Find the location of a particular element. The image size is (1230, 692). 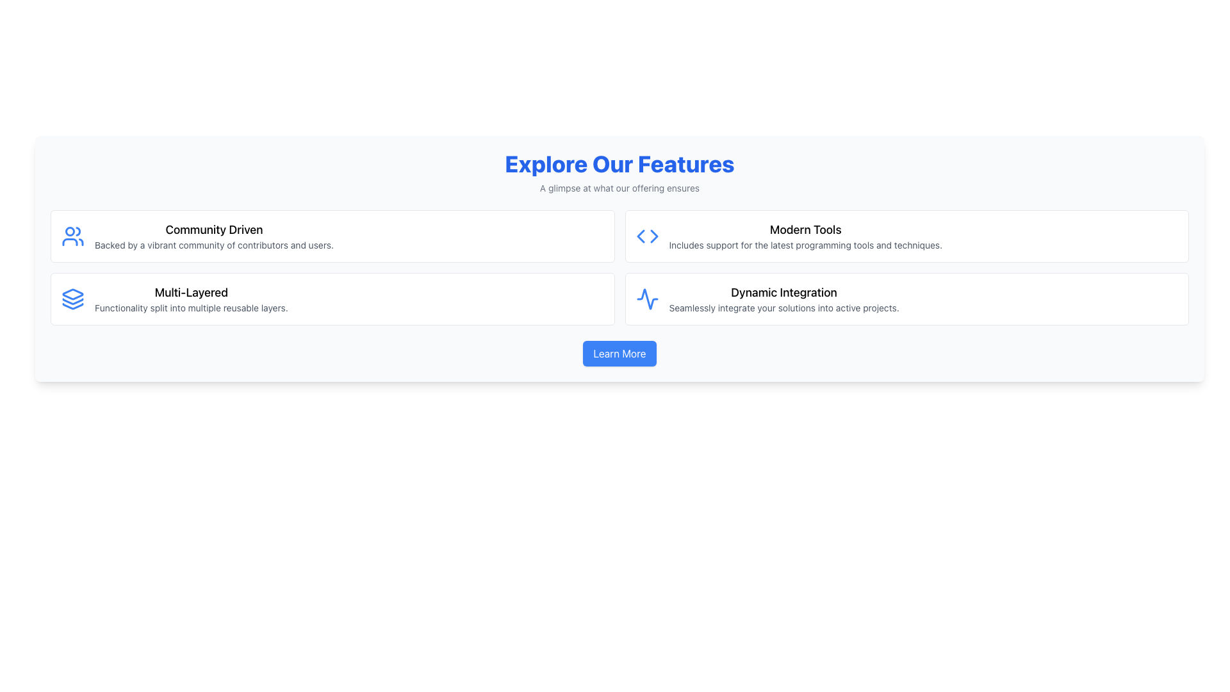

the blue code symbol icon located to the left of the 'Modern Tools' title in the second card under 'Explore Our Features' is located at coordinates (647, 236).